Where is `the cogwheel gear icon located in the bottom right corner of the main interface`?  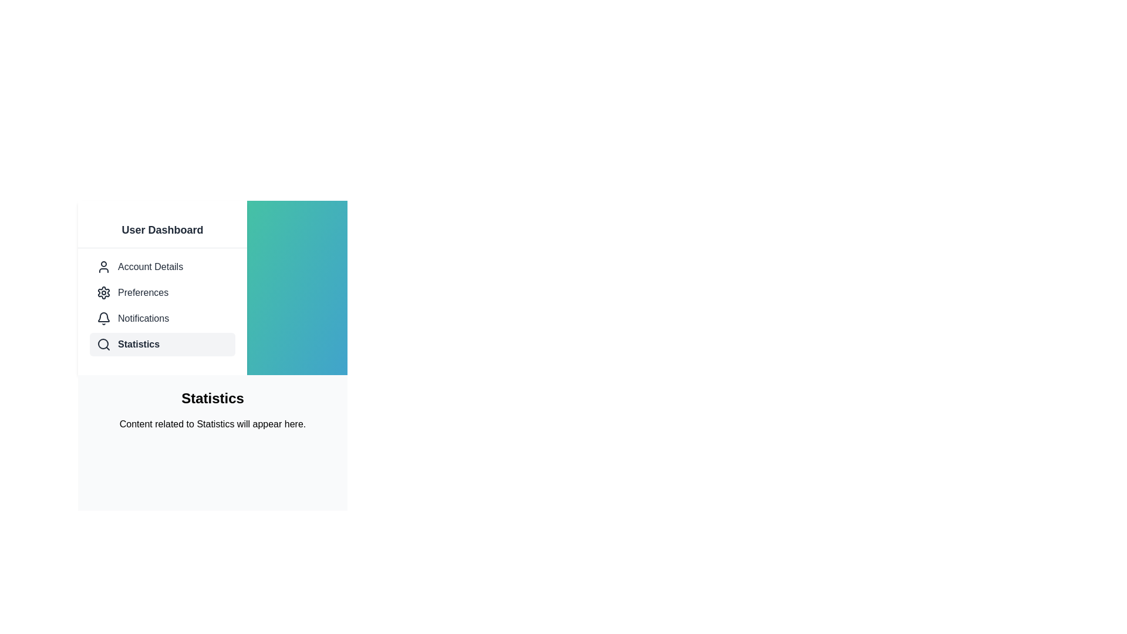 the cogwheel gear icon located in the bottom right corner of the main interface is located at coordinates (104, 292).